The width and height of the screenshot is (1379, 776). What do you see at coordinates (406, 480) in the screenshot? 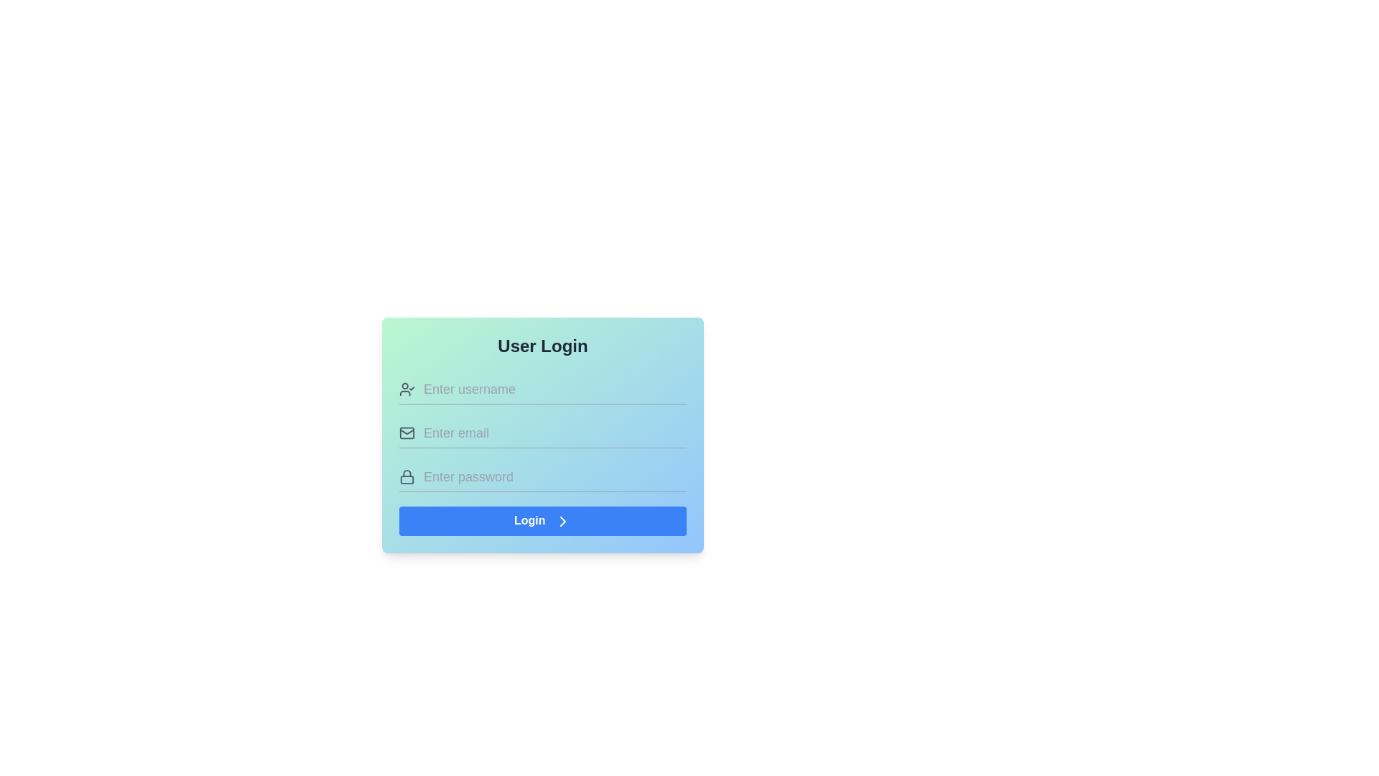
I see `the small rectangle located at the bottom part of the lock icon illustration adjacent to the password input field` at bounding box center [406, 480].